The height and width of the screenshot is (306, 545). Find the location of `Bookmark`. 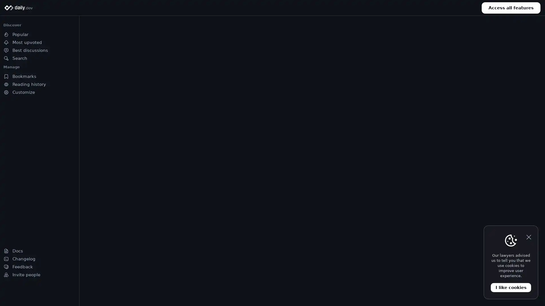

Bookmark is located at coordinates (195, 276).